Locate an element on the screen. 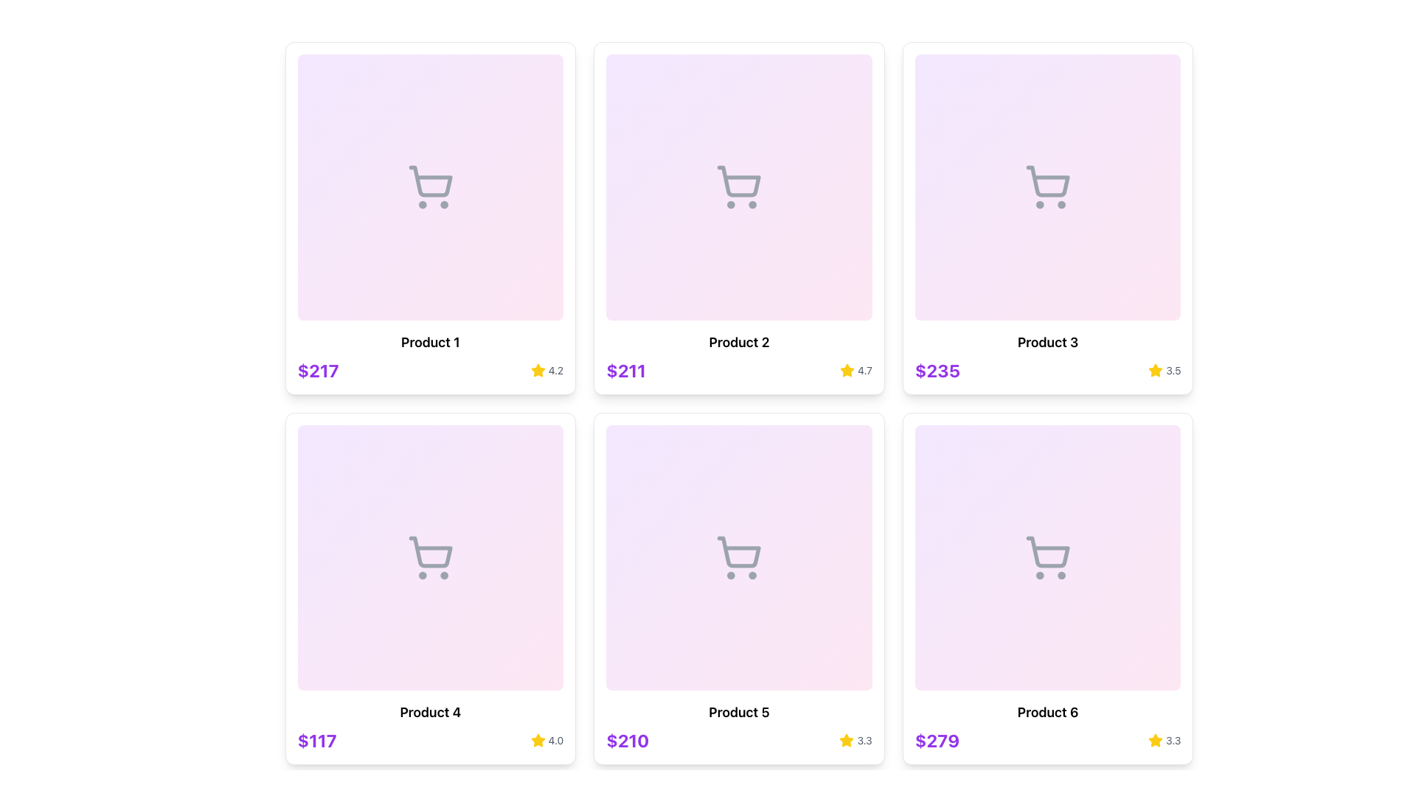 The width and height of the screenshot is (1416, 796). the 'Product 2' card with a shopping cart icon and a rating of '4.7' is located at coordinates (739, 218).